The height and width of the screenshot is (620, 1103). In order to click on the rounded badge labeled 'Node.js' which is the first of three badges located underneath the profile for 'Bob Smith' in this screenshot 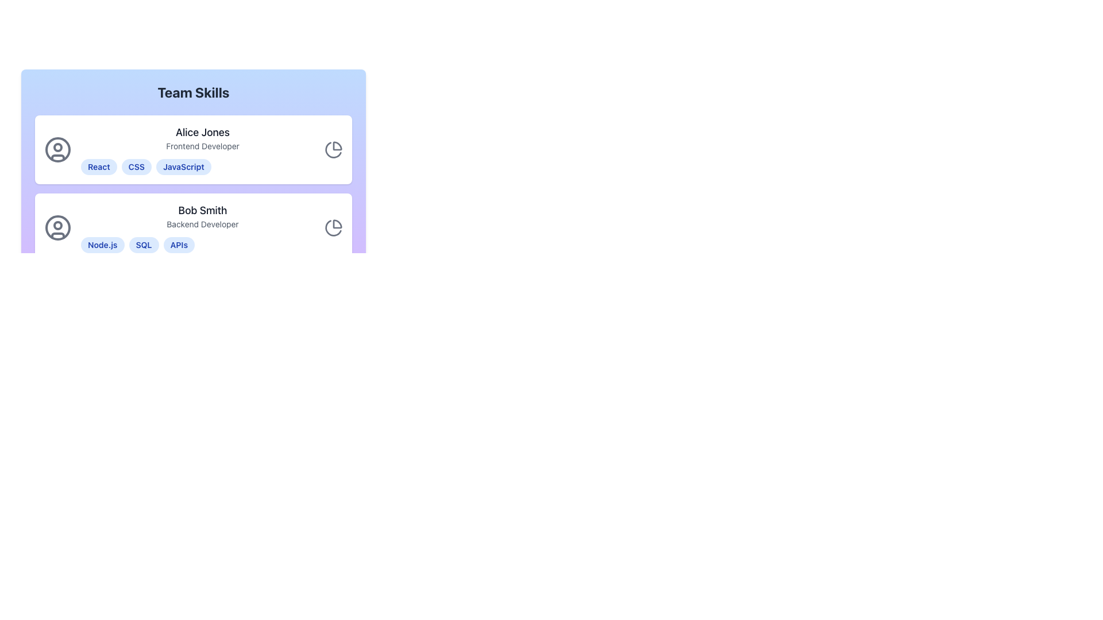, I will do `click(102, 245)`.